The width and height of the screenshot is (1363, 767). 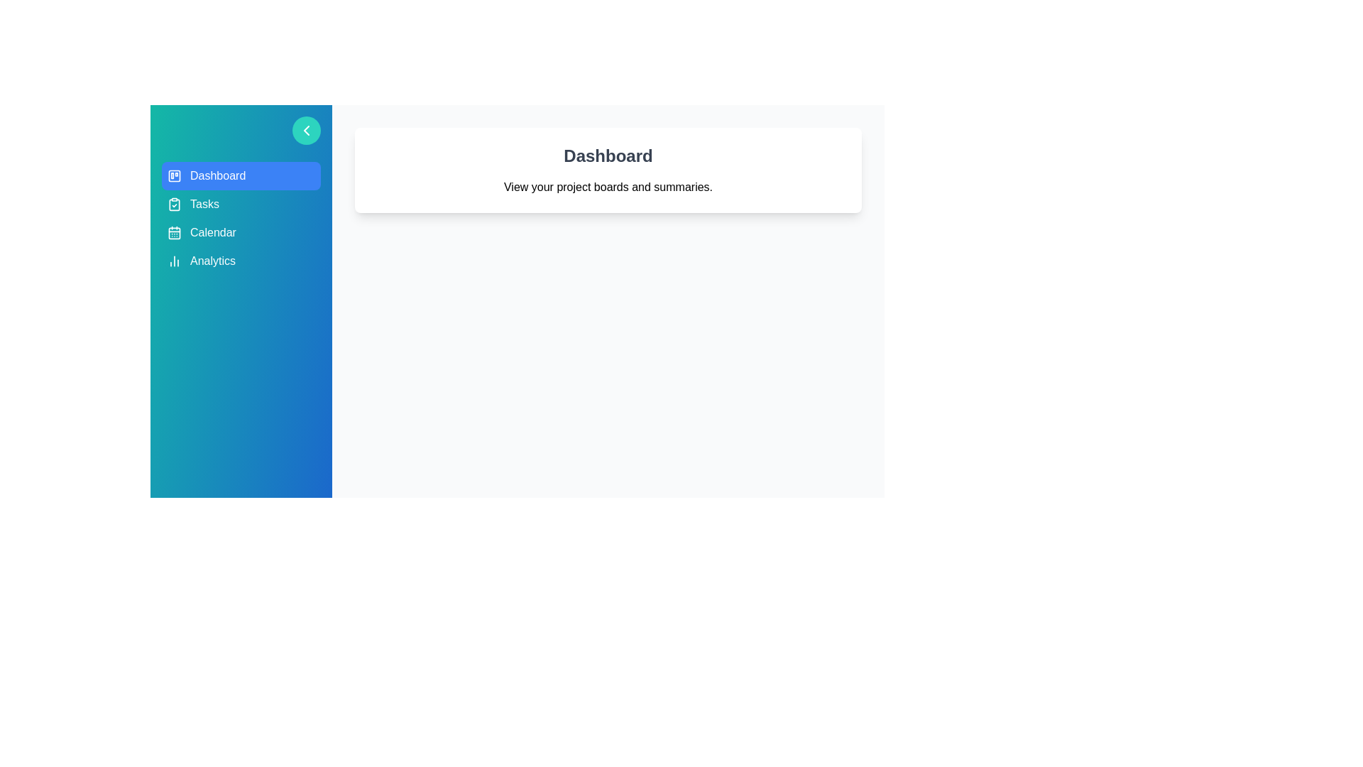 I want to click on the 'Analytics' text label in the vertical navigation menu, so click(x=212, y=261).